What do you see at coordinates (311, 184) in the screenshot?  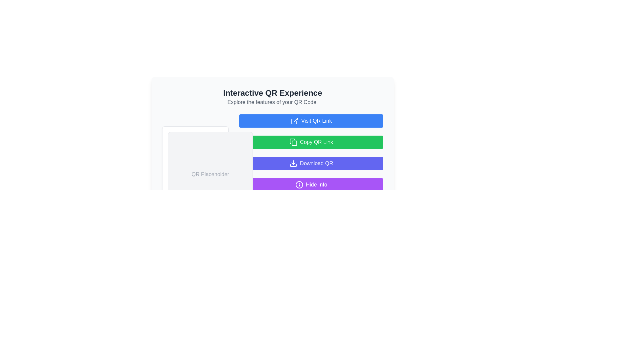 I see `the 'Hide Info' button with a purple background and white text located at the bottom of the 'Interactive QR Experience' module` at bounding box center [311, 184].